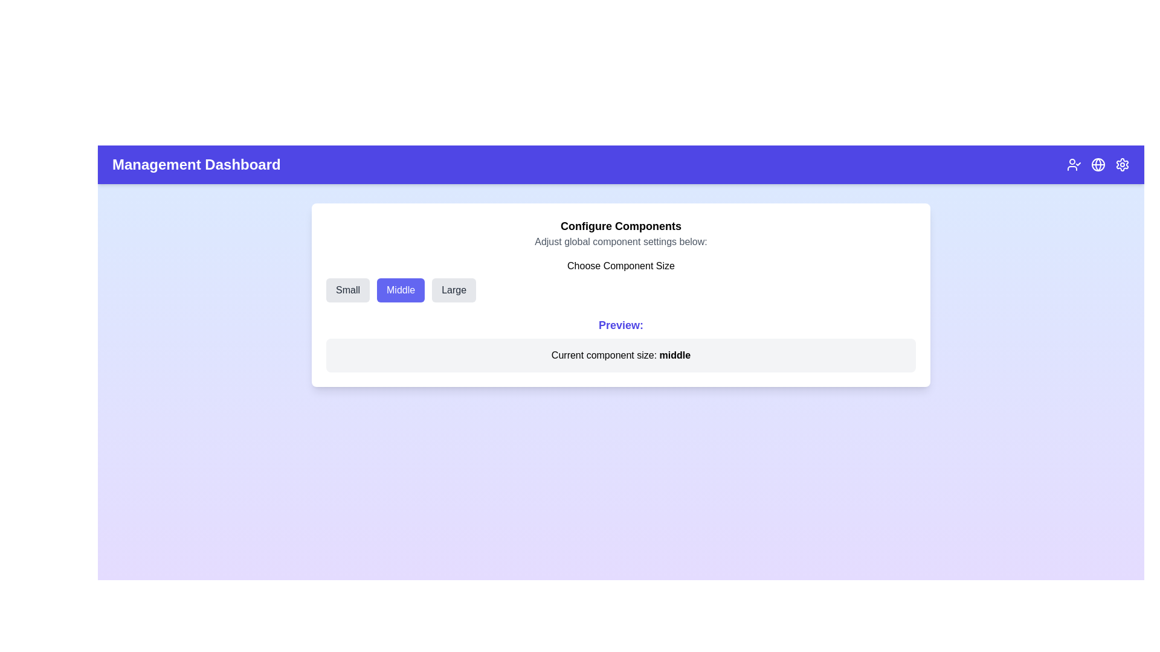  I want to click on the text label displaying 'middle' in bold black font, part of the sentence 'Current component size: middle', located in the lower section of a white card-like panel, so click(674, 354).